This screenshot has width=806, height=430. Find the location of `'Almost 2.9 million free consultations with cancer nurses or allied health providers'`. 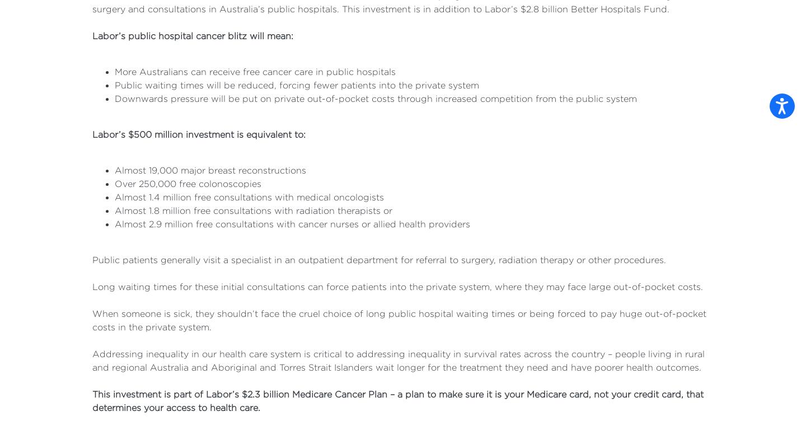

'Almost 2.9 million free consultations with cancer nurses or allied health providers' is located at coordinates (292, 223).